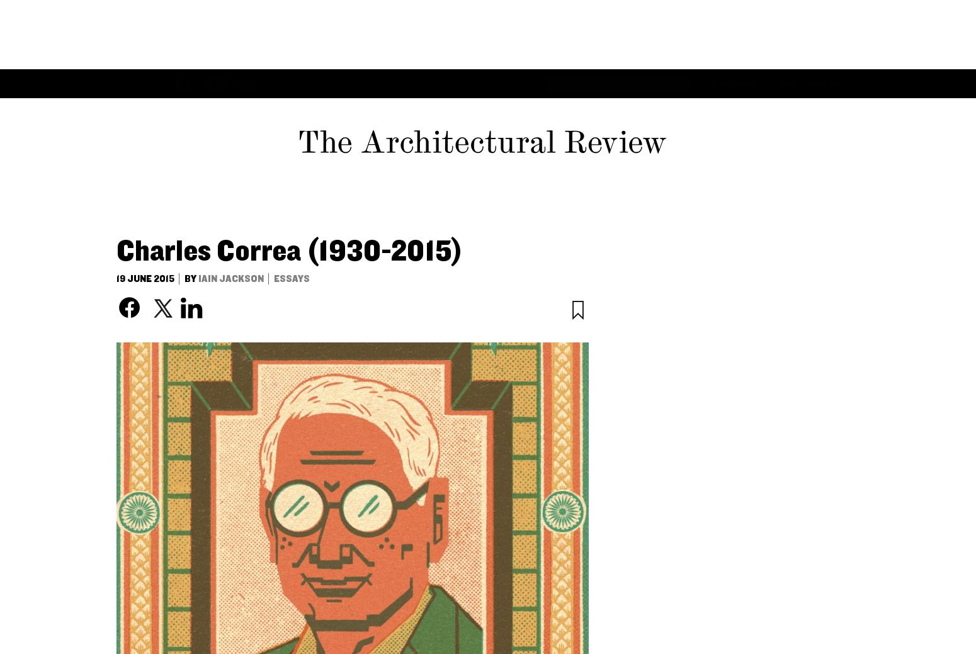 The height and width of the screenshot is (654, 976). Describe the element at coordinates (522, 13) in the screenshot. I see `'Films'` at that location.